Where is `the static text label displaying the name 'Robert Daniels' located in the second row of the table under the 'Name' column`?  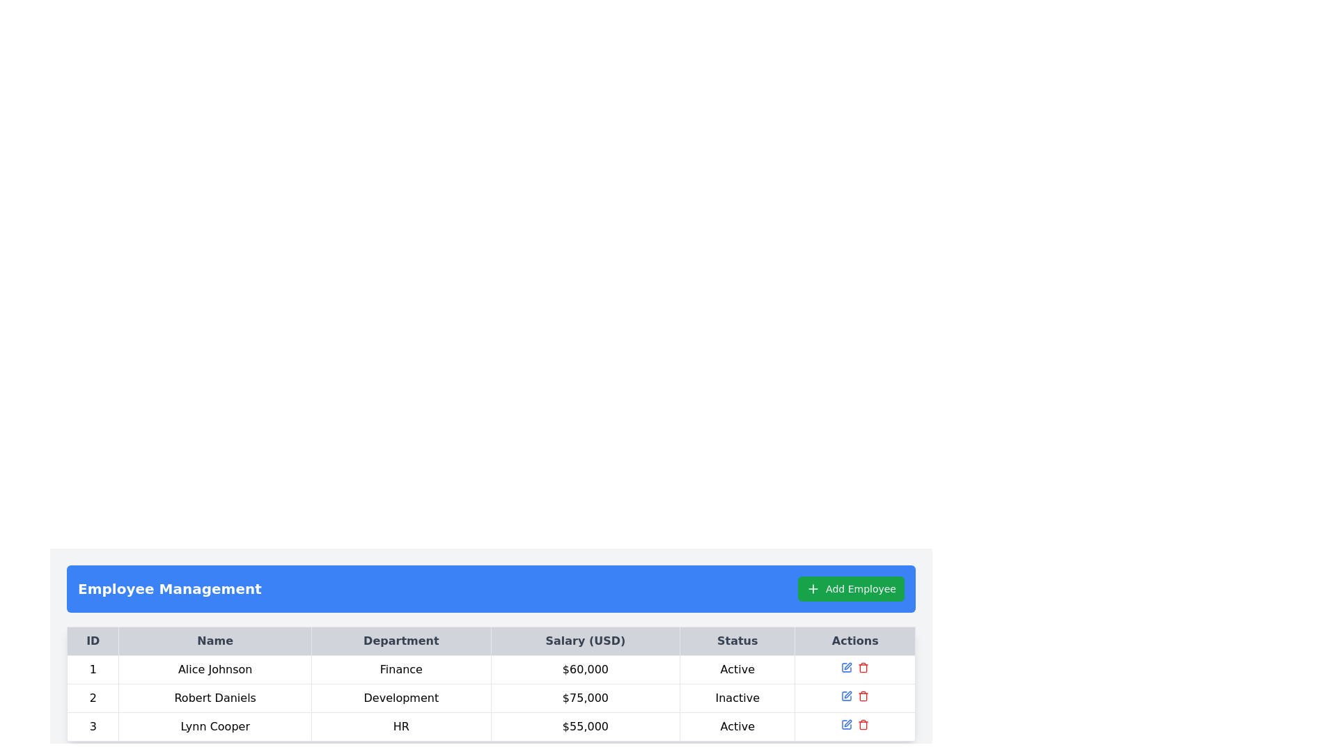 the static text label displaying the name 'Robert Daniels' located in the second row of the table under the 'Name' column is located at coordinates (214, 698).